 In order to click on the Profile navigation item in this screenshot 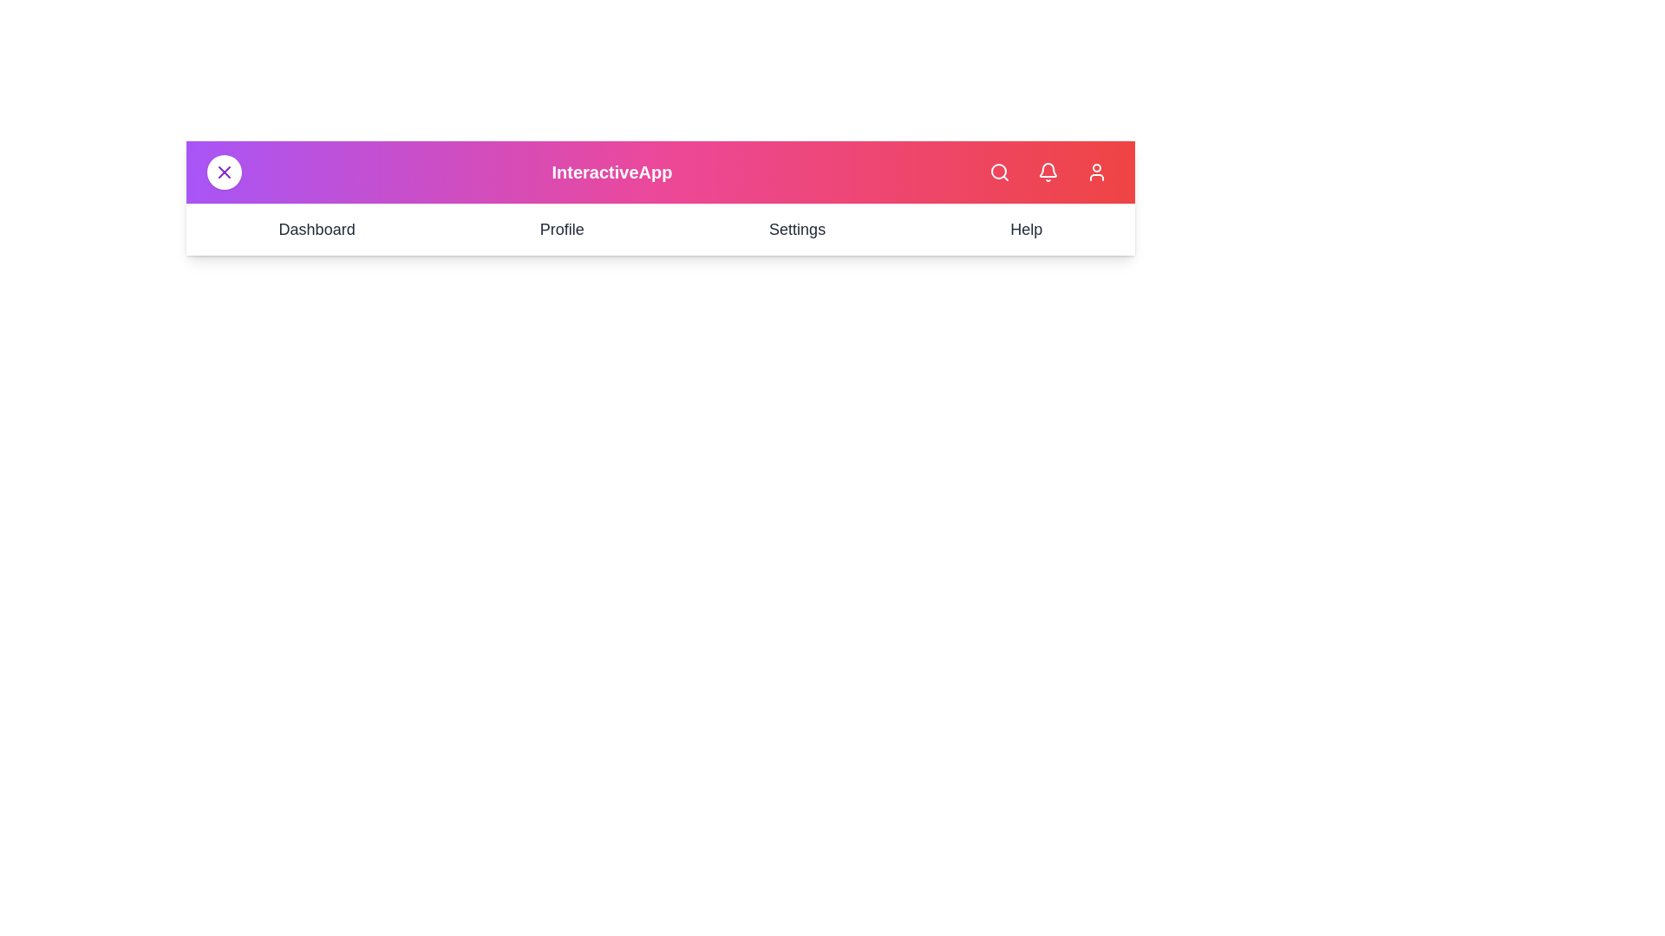, I will do `click(562, 229)`.